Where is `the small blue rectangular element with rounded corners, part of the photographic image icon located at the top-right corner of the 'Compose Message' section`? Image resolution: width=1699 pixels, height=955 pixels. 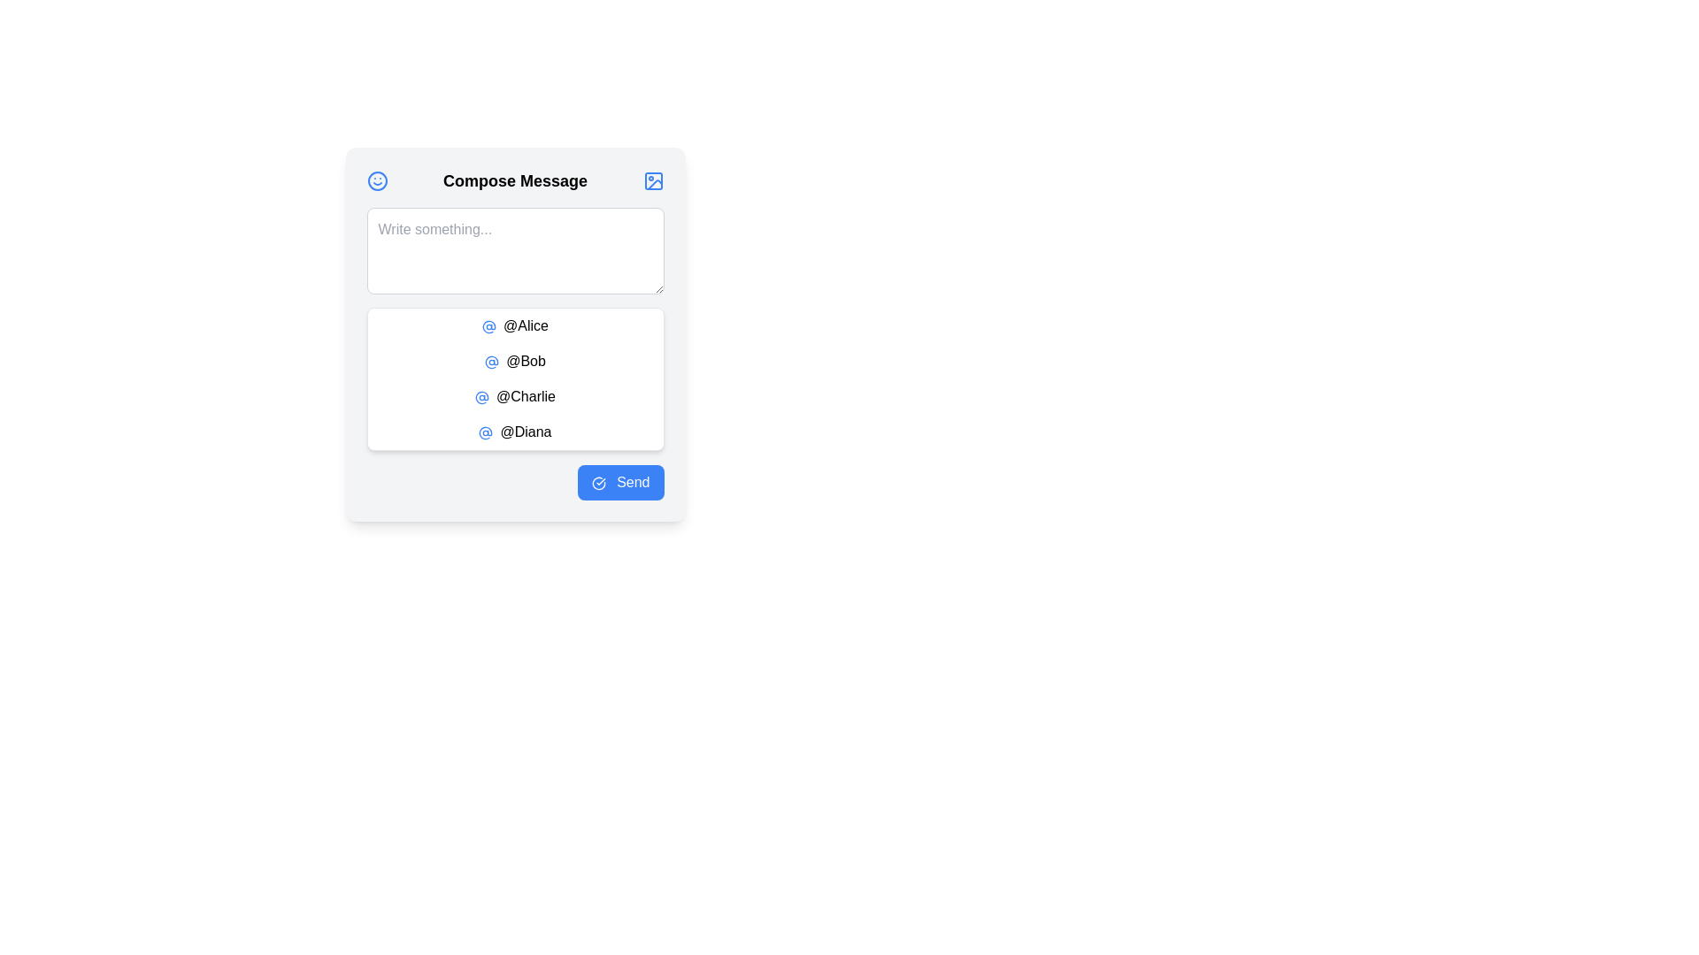 the small blue rectangular element with rounded corners, part of the photographic image icon located at the top-right corner of the 'Compose Message' section is located at coordinates (652, 180).